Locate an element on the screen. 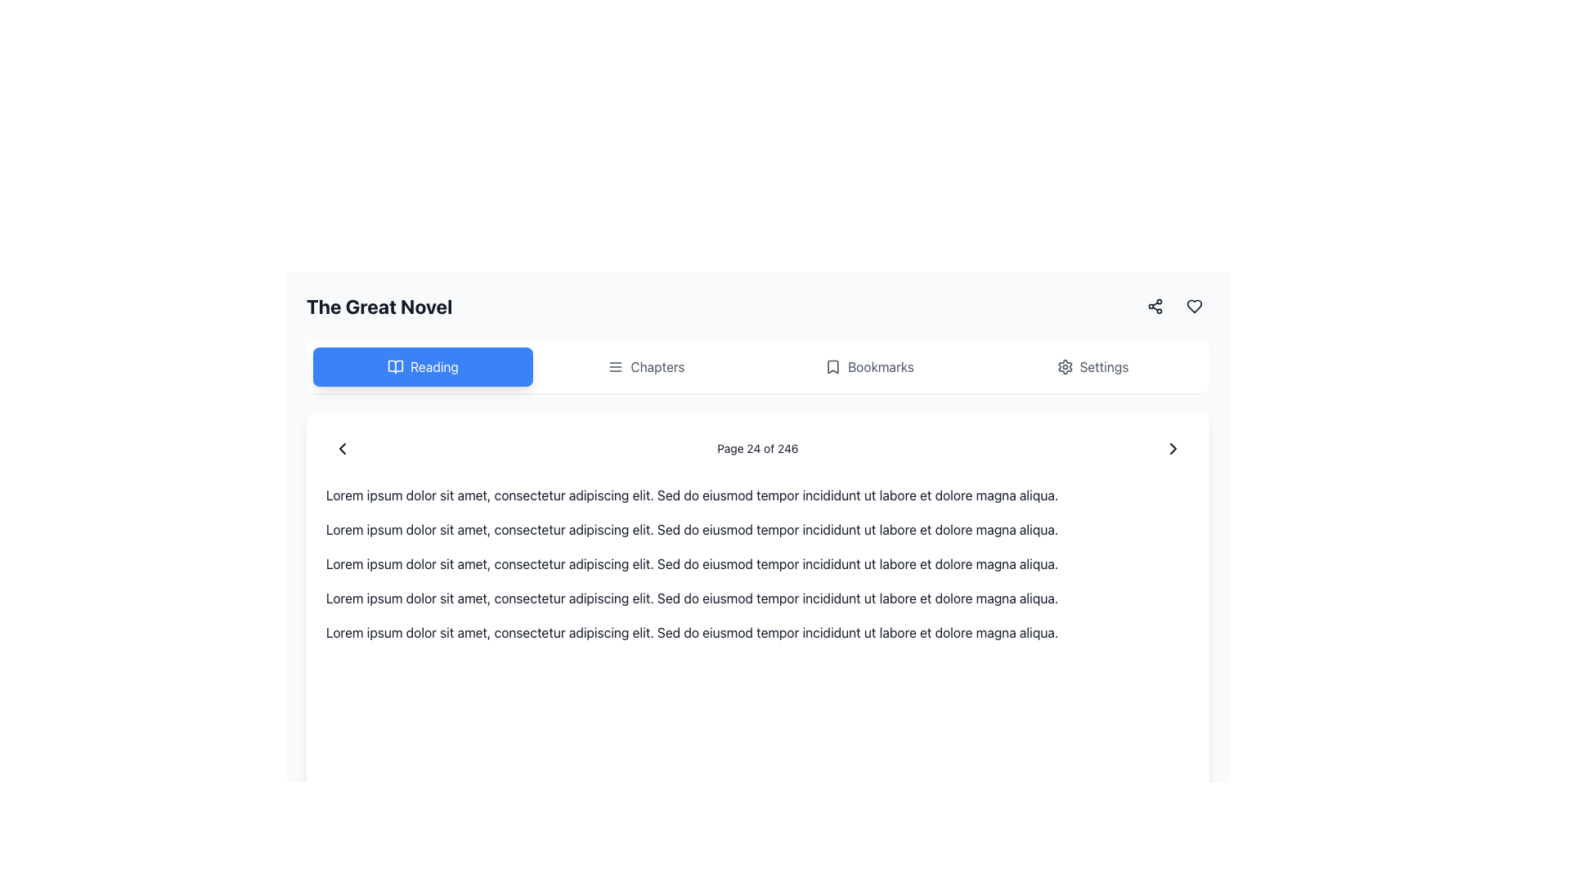  the 'Reading' text label, which is styled with white text on a blue background and located within a rounded rectangular button in the header area is located at coordinates (434, 365).